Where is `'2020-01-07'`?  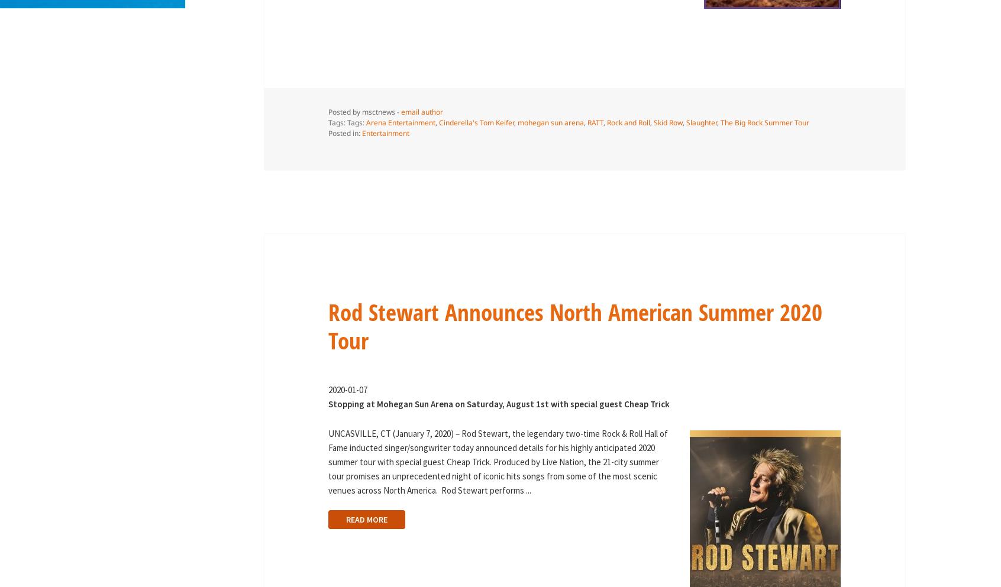 '2020-01-07' is located at coordinates (346, 390).